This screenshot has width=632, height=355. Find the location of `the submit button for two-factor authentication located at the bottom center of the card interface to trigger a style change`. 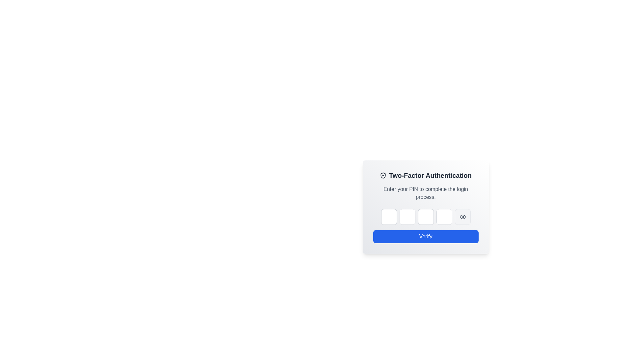

the submit button for two-factor authentication located at the bottom center of the card interface to trigger a style change is located at coordinates (426, 237).